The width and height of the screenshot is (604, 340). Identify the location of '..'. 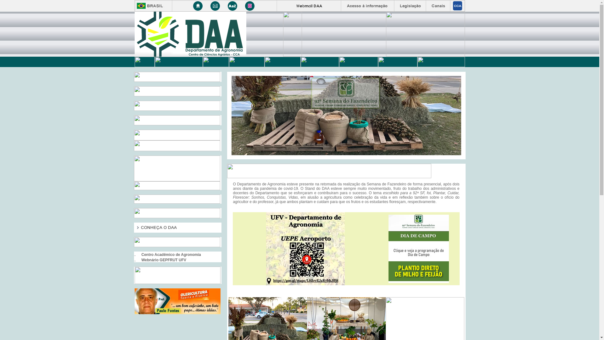
(135, 254).